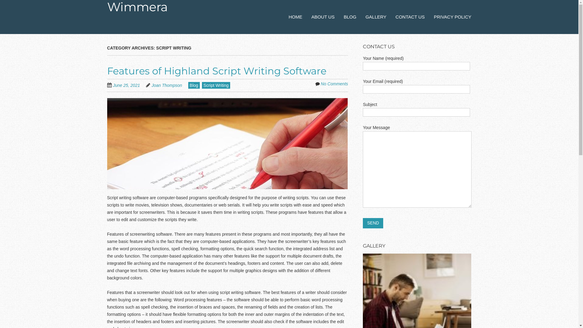  Describe the element at coordinates (363, 223) in the screenshot. I see `'Send'` at that location.